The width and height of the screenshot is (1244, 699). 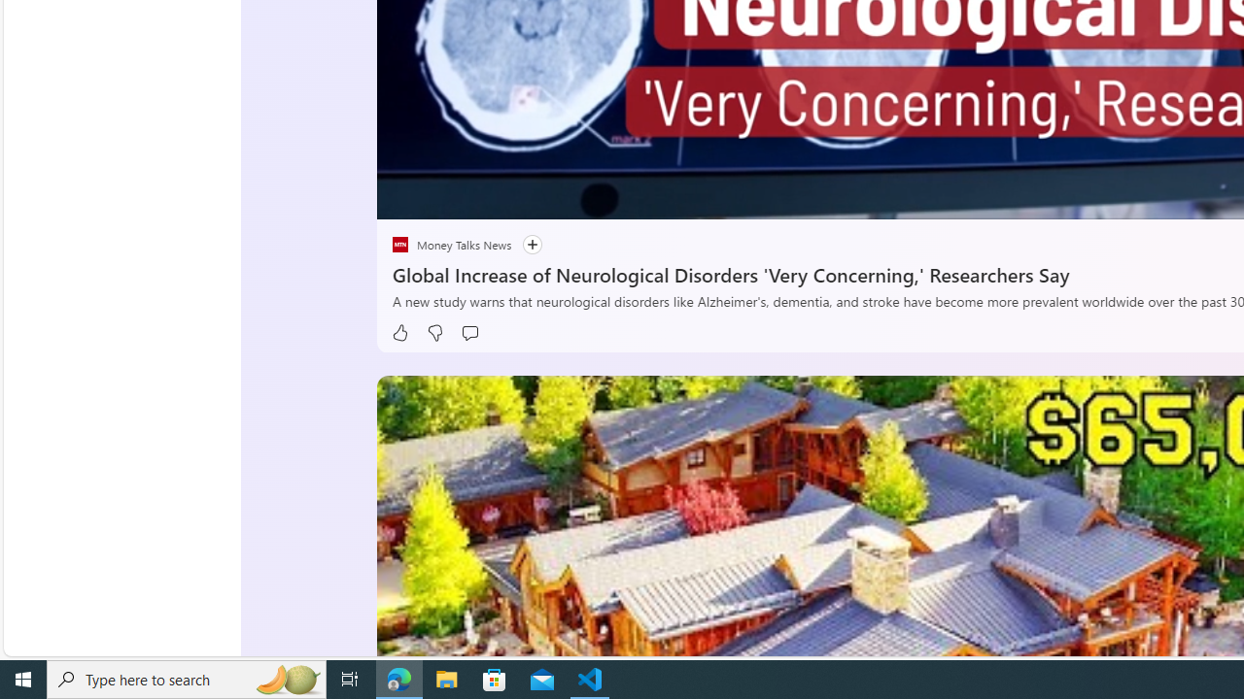 I want to click on 'placeholder', so click(x=399, y=244).